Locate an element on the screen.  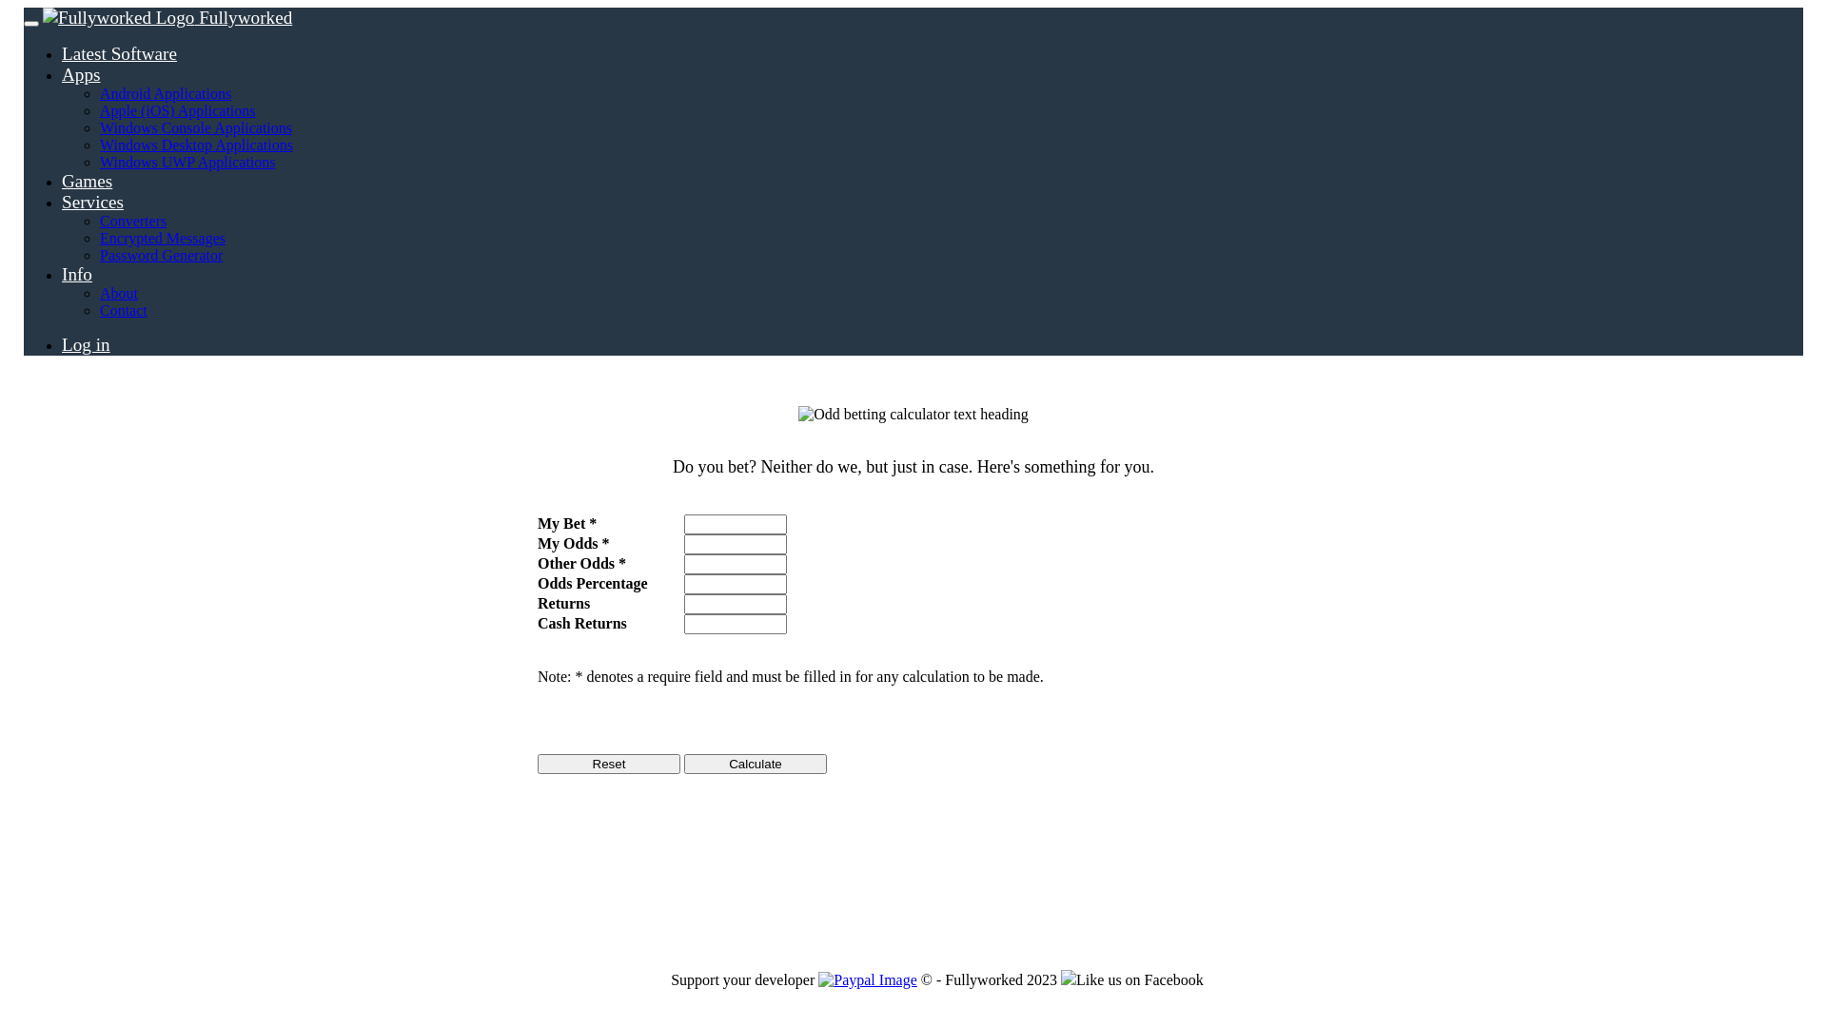
'Log in' is located at coordinates (85, 329).